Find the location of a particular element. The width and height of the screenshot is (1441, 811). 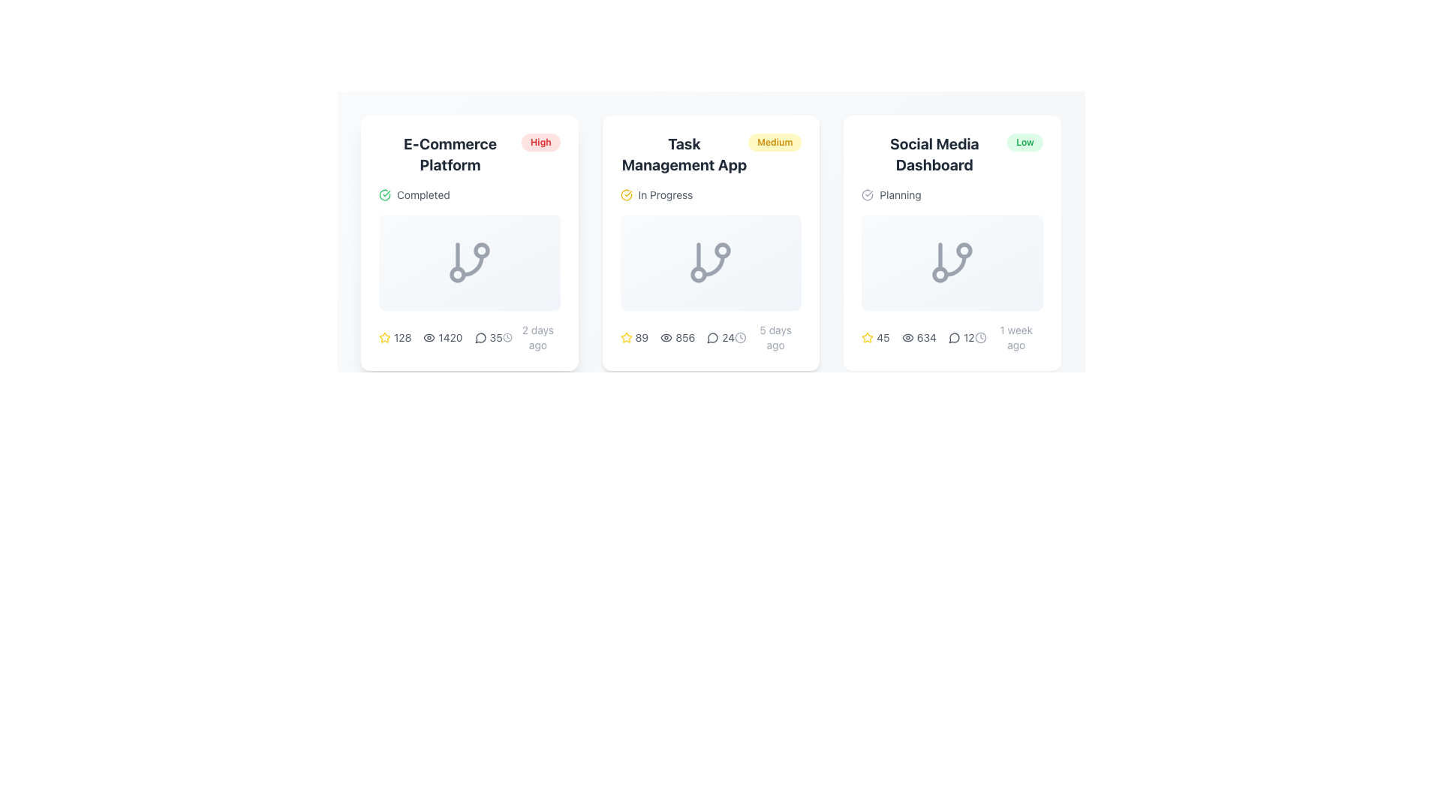

text '856' that is displayed with an eye icon in gray color, located as the second element in a horizontal row of numerical indicators under the 'Task Management App' card is located at coordinates (676, 338).